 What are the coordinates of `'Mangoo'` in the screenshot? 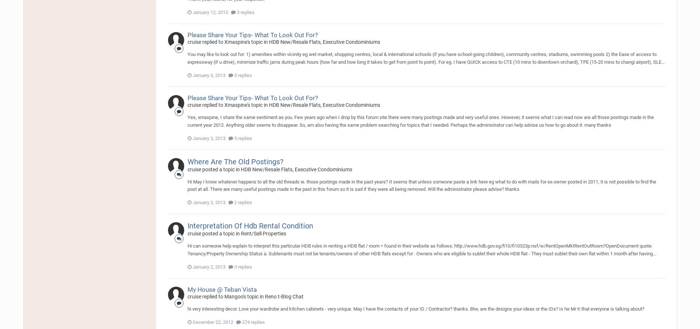 It's located at (233, 296).